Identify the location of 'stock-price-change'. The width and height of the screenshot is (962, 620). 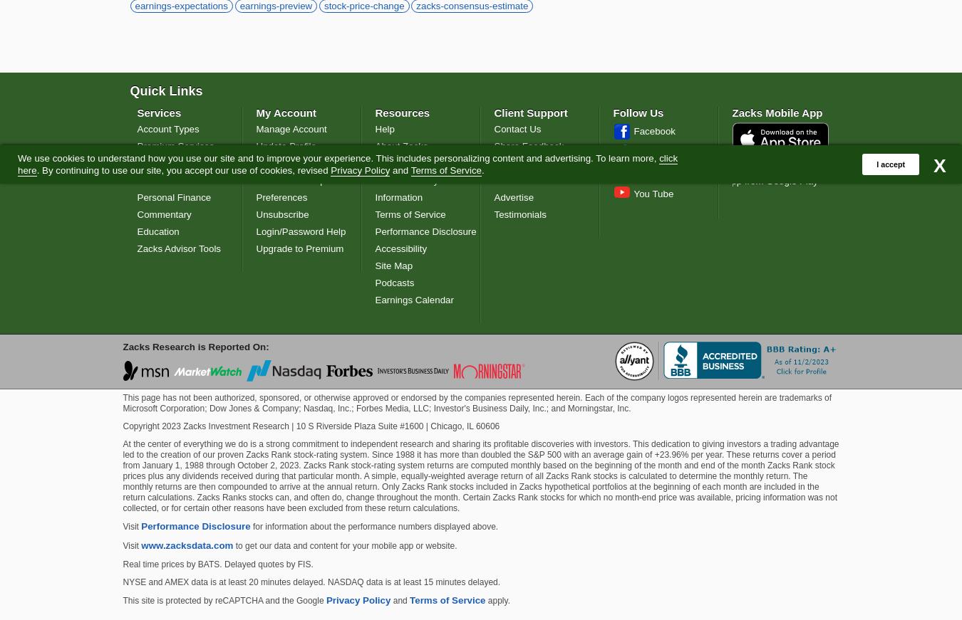
(363, 5).